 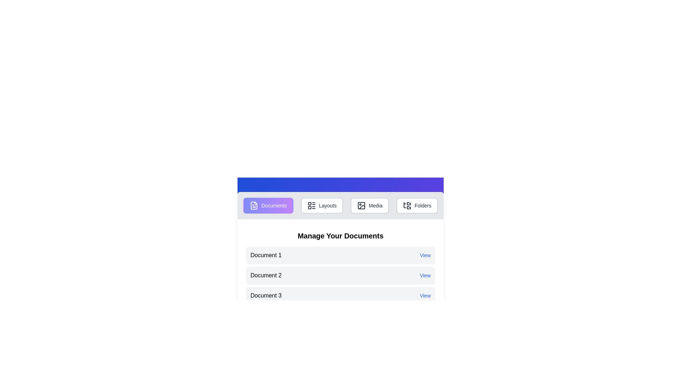 I want to click on the hyperlink styled as an interactive text link for 'Document 2' located in the rightmost segment of the second row under 'Manage Your Documents', so click(x=425, y=275).